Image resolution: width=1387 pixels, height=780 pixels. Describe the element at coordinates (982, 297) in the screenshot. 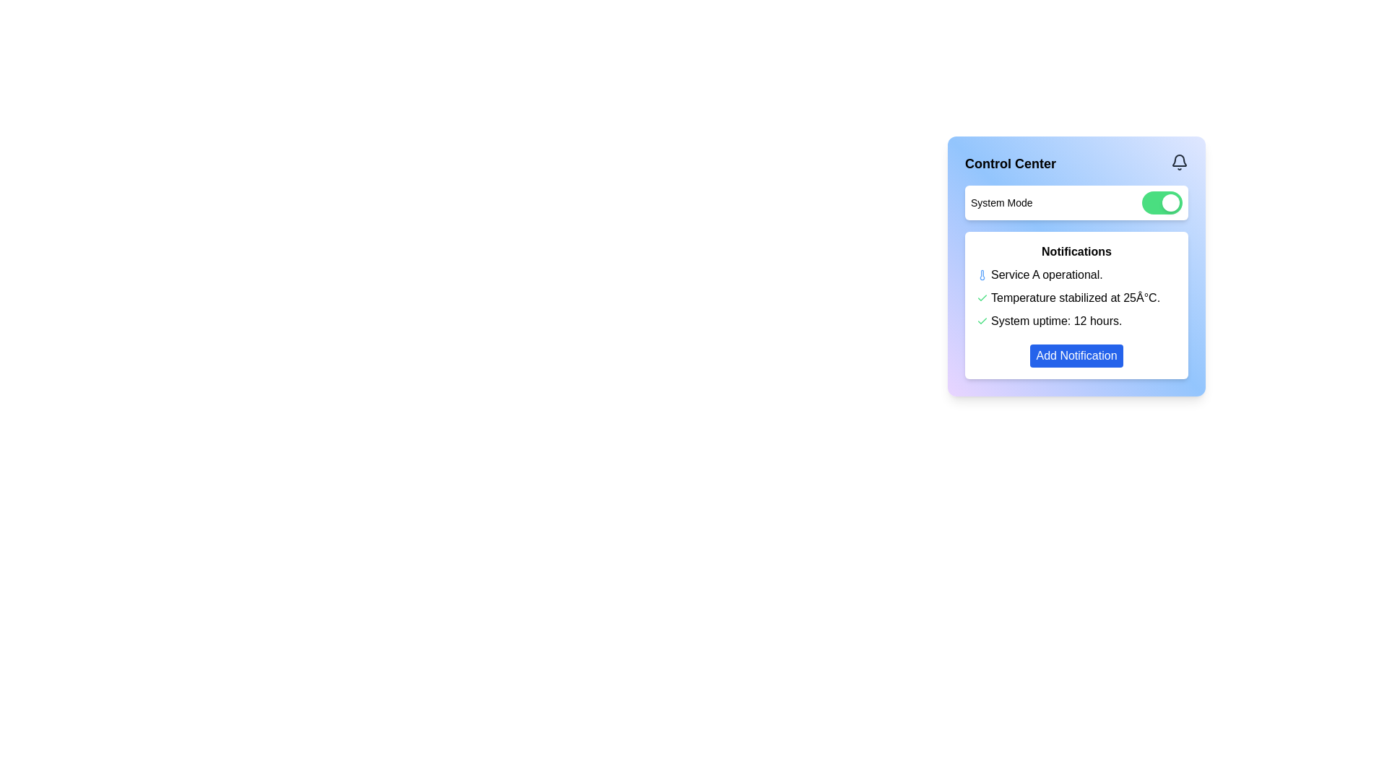

I see `the first icon on the left side of the 'Temperature stabilized at 25°C' notification in the Notifications section` at that location.